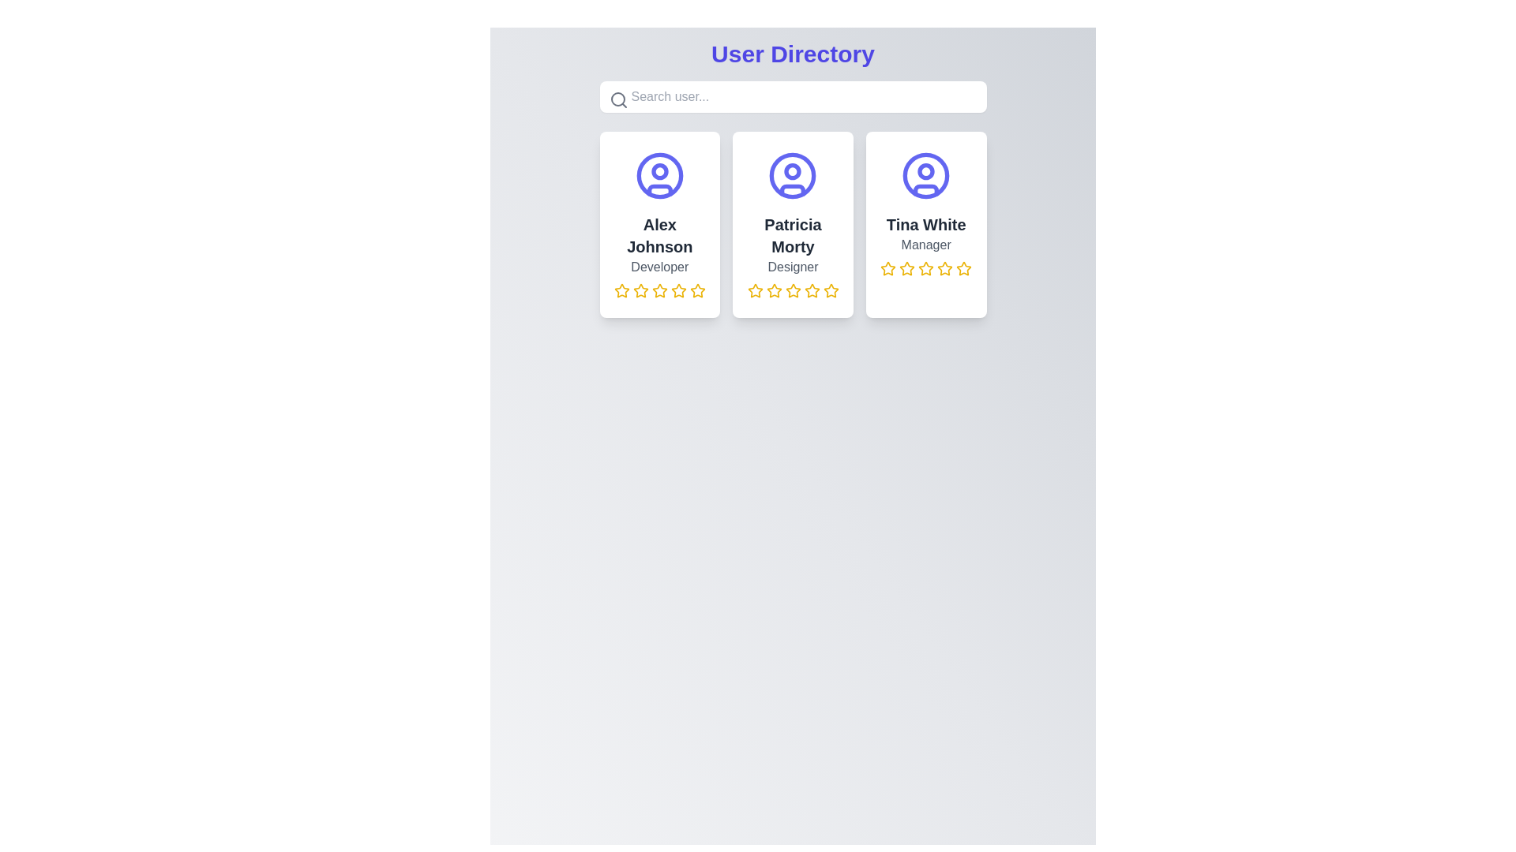 This screenshot has width=1516, height=852. I want to click on the header element that serves as a title for the user directory display, positioned above the search bar, so click(793, 54).